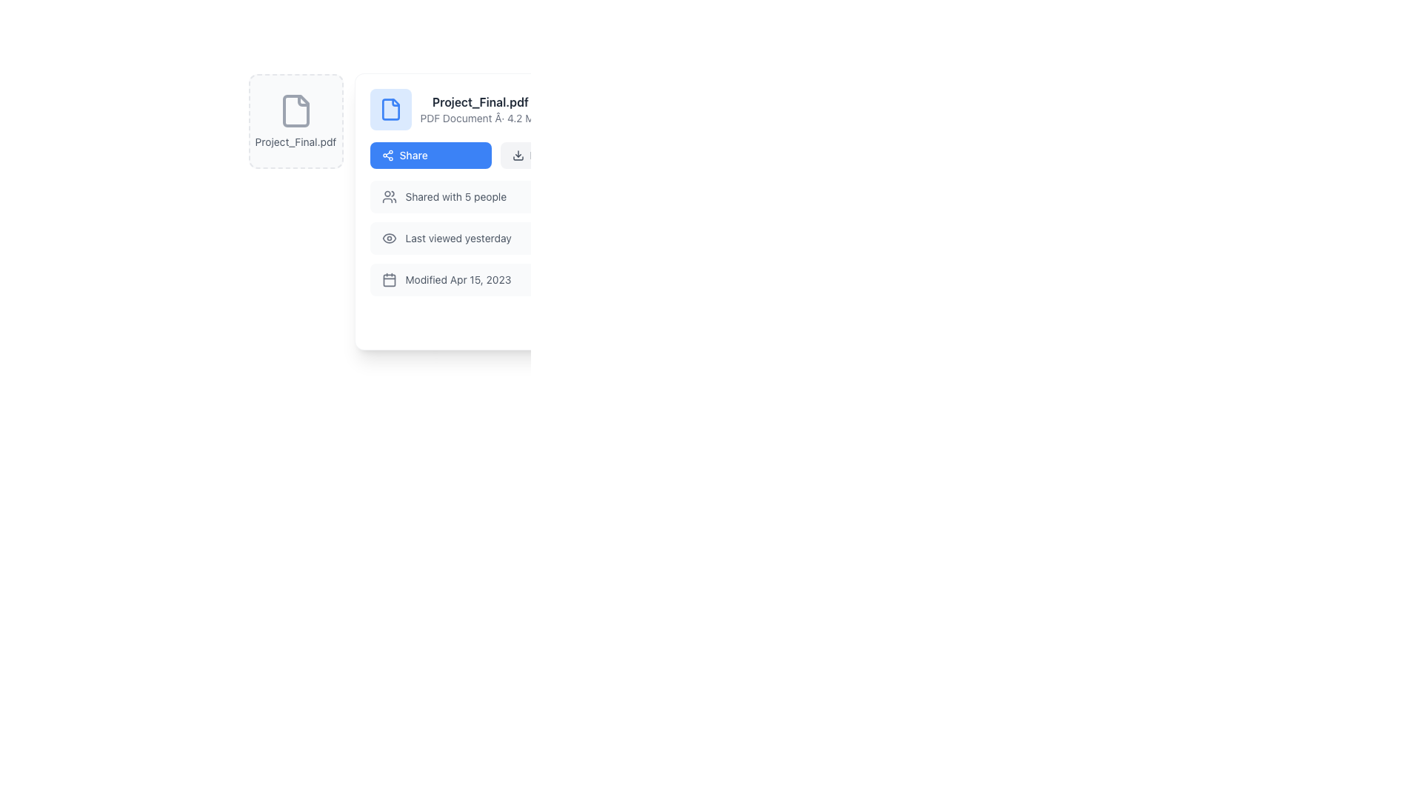 The height and width of the screenshot is (800, 1422). Describe the element at coordinates (495, 108) in the screenshot. I see `the document name 'Project_Final.pdf' in the file descriptor` at that location.